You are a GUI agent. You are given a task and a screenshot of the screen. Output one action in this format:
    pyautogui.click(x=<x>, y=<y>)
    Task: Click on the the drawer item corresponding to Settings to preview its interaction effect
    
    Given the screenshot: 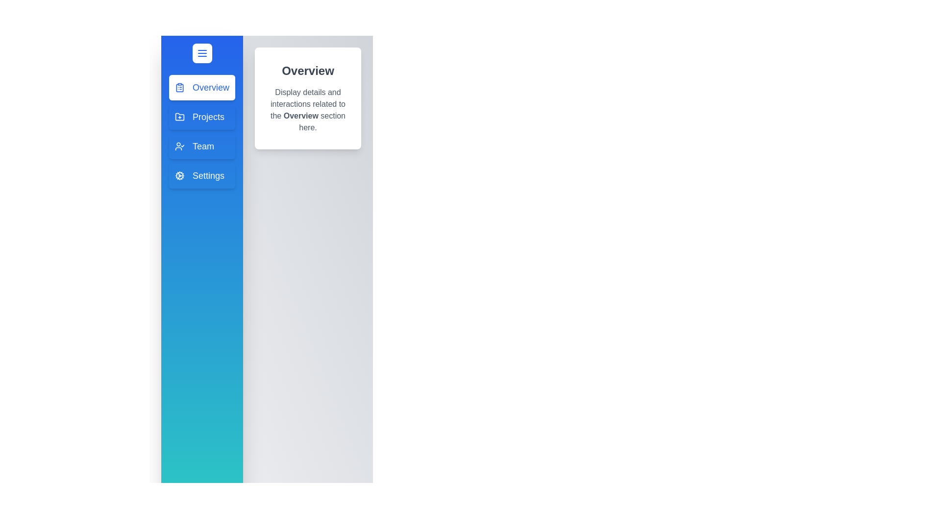 What is the action you would take?
    pyautogui.click(x=201, y=175)
    